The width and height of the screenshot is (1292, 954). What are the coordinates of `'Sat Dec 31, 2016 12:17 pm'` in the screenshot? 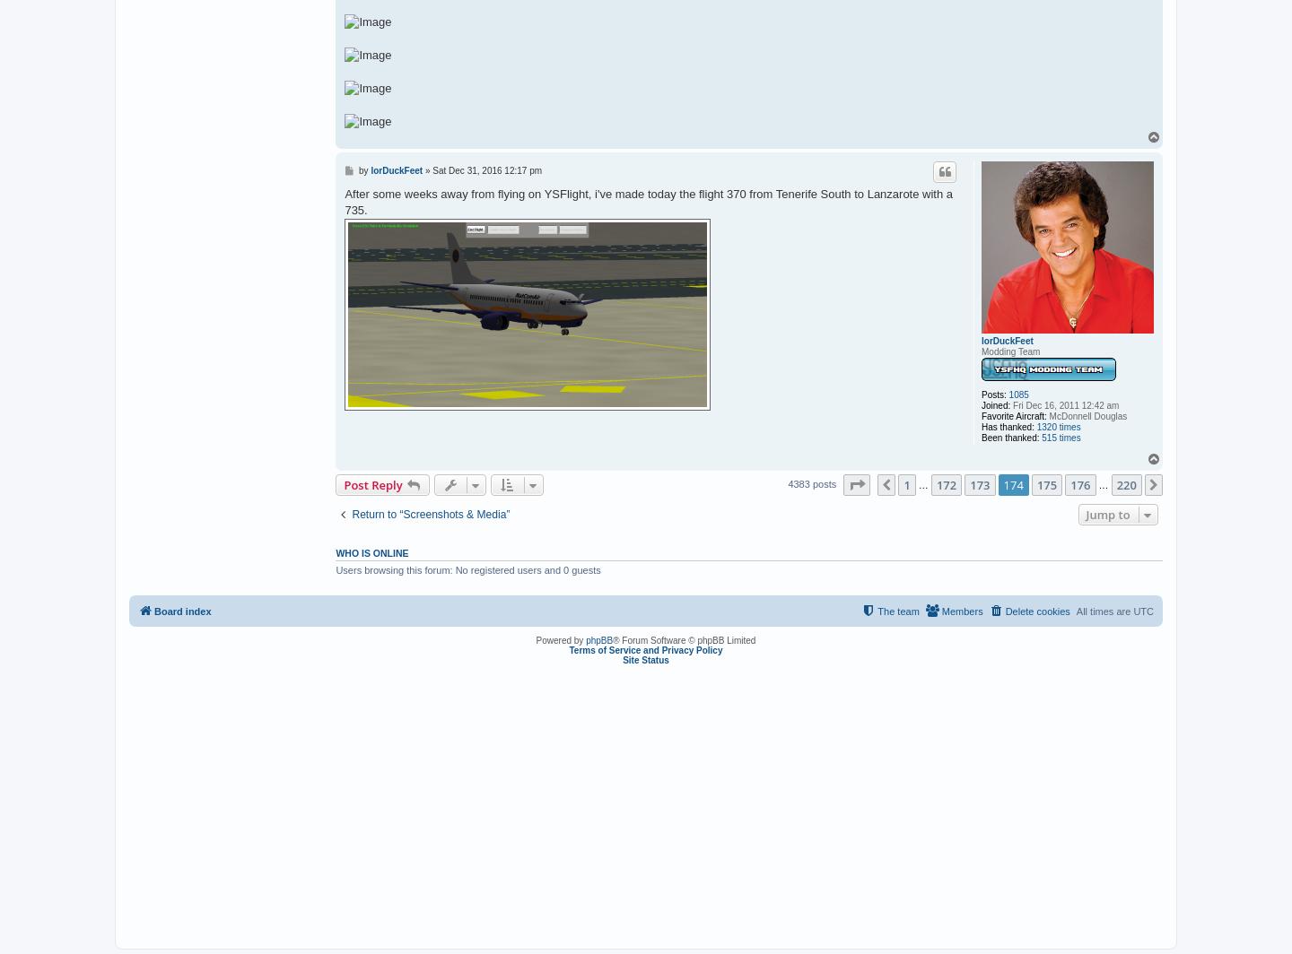 It's located at (487, 169).